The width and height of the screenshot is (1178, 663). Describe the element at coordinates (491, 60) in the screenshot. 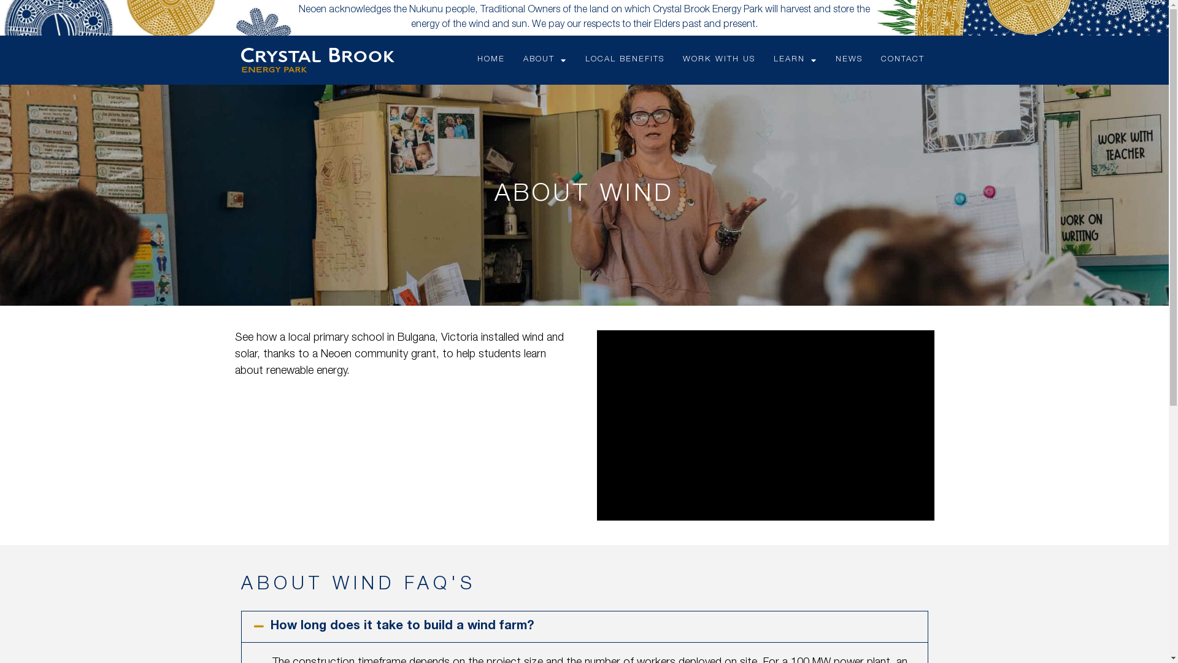

I see `'HOME'` at that location.